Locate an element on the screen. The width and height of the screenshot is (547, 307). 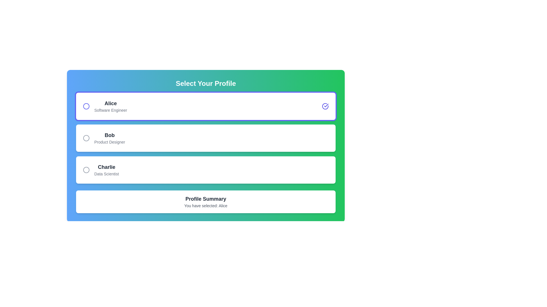
the text label indicating the name 'Charlie' associated with the profile option, which is located in the third profile selection card from the top is located at coordinates (107, 167).